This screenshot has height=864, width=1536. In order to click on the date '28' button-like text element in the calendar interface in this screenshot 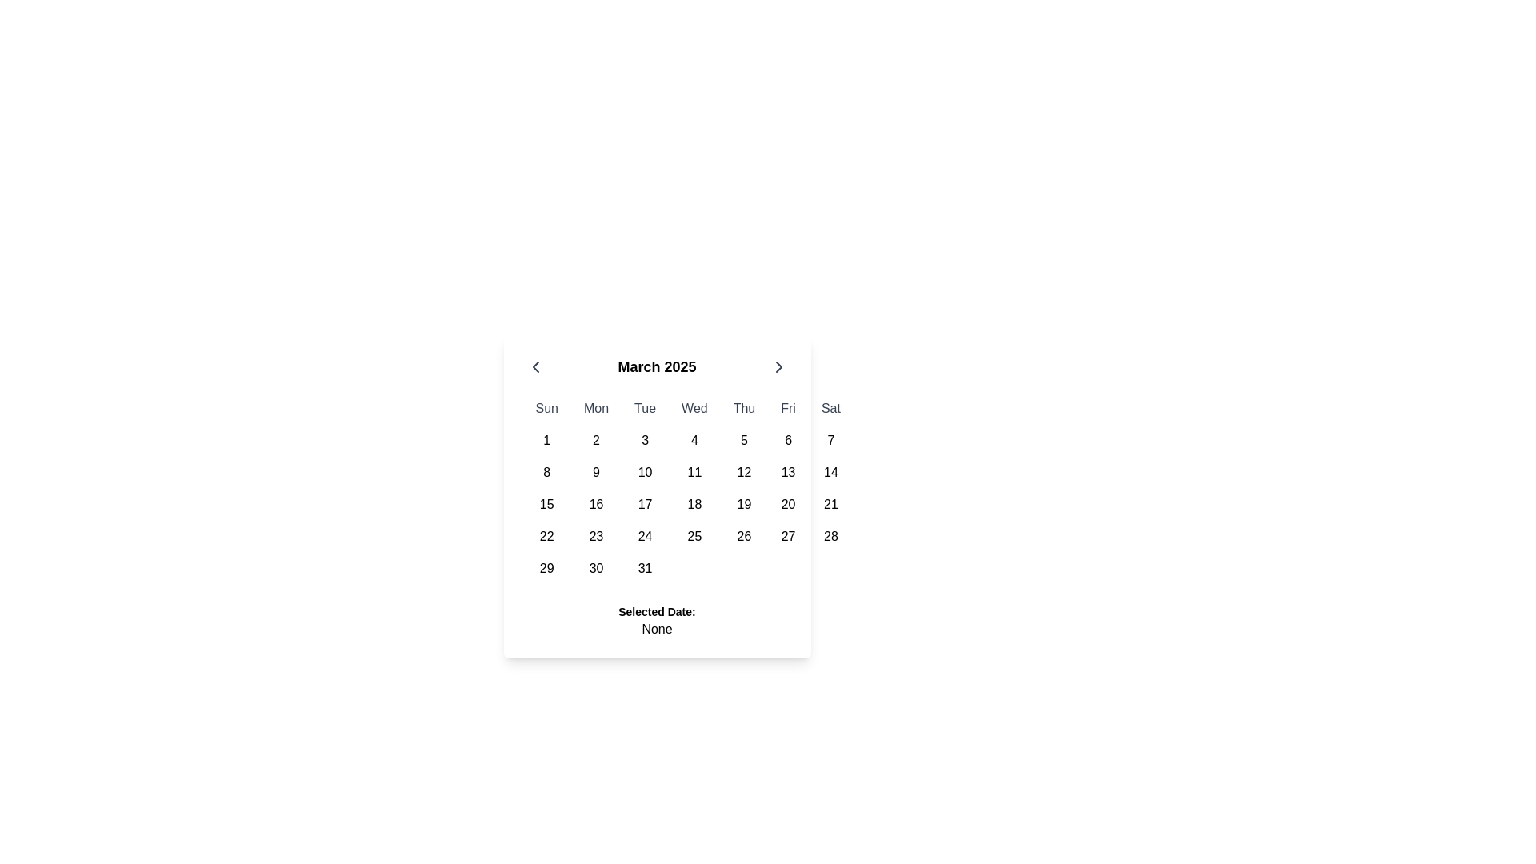, I will do `click(830, 537)`.